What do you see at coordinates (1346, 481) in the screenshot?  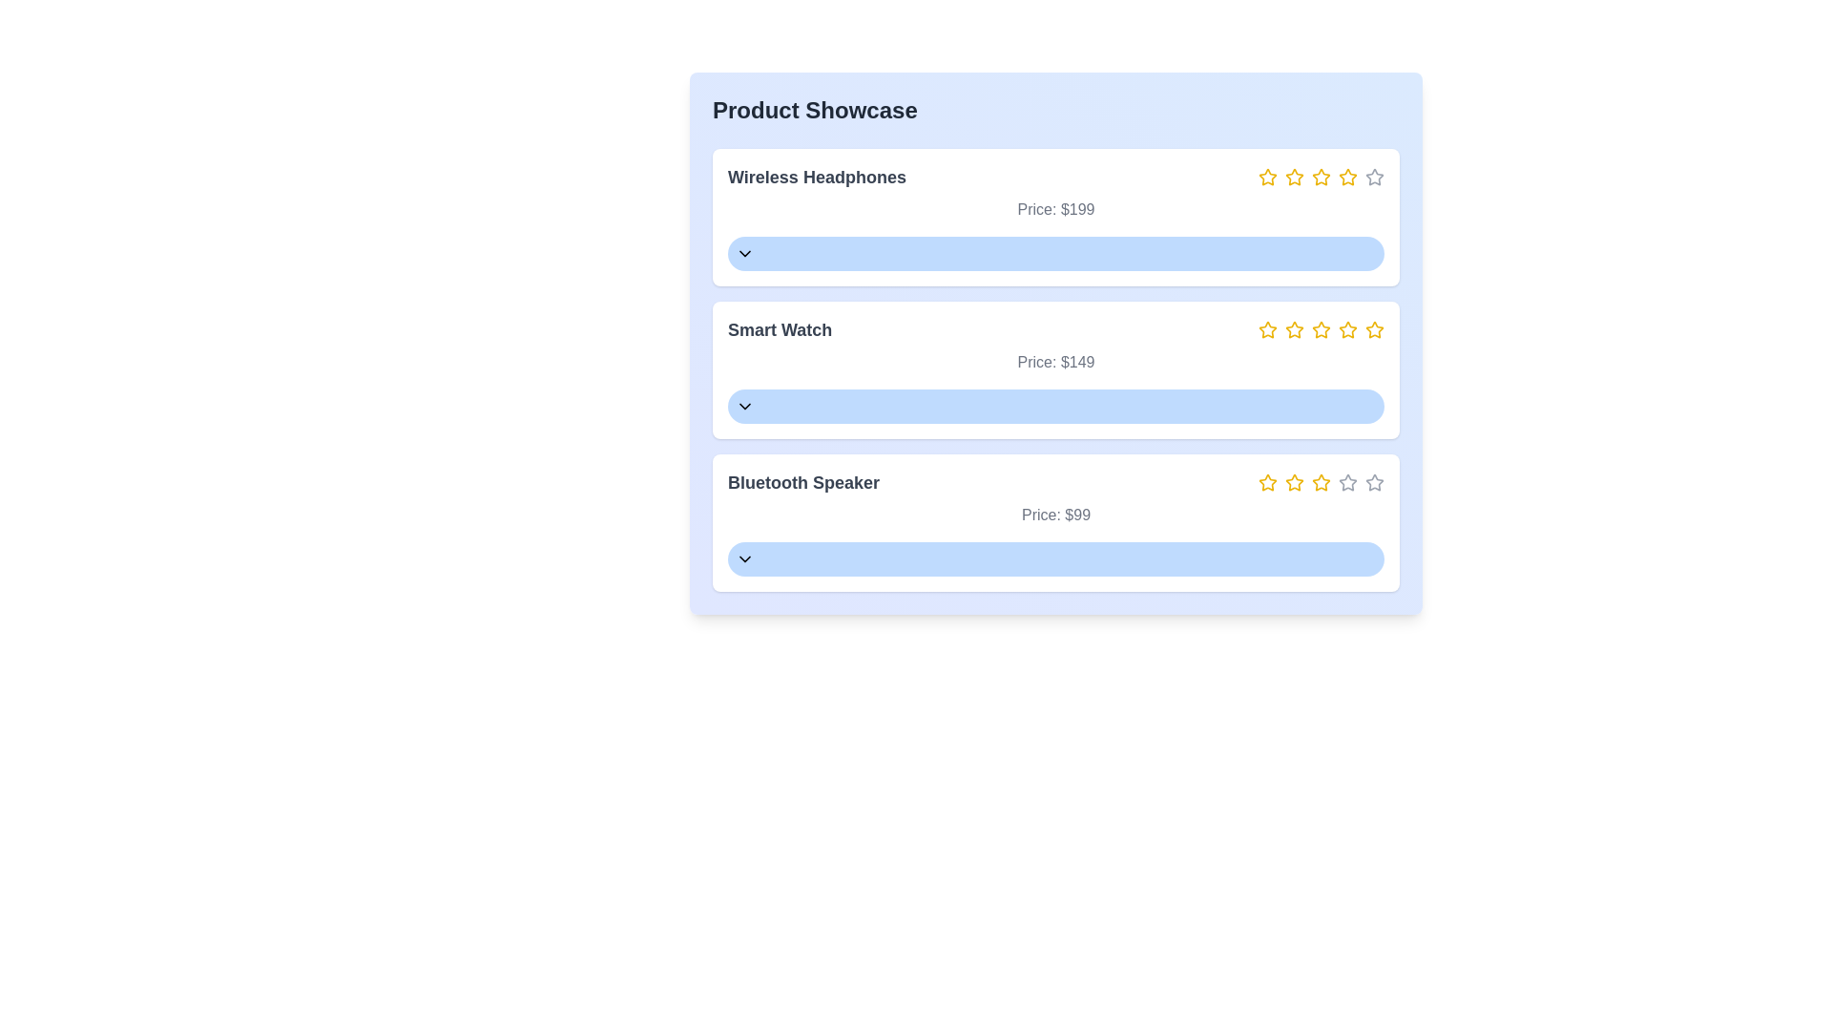 I see `the fourth rating star icon for the item 'Bluetooth Speaker'` at bounding box center [1346, 481].